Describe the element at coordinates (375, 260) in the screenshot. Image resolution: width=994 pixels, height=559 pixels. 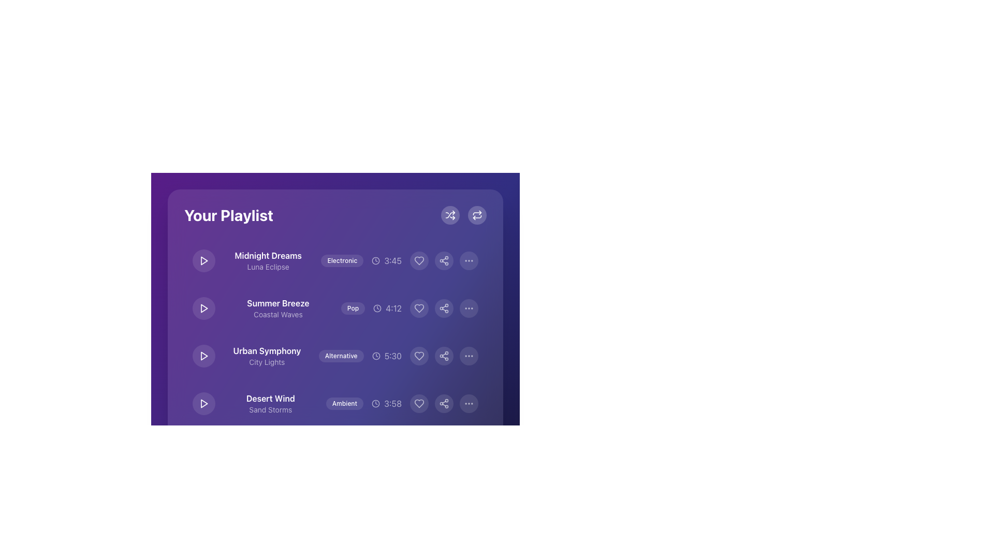
I see `the circular clock icon representing time-related functionality located in the first row of the 'Midnight Dreams' song playlist, positioned to the right of the 'Electronic' genre tag and before the song duration '3:45'` at that location.